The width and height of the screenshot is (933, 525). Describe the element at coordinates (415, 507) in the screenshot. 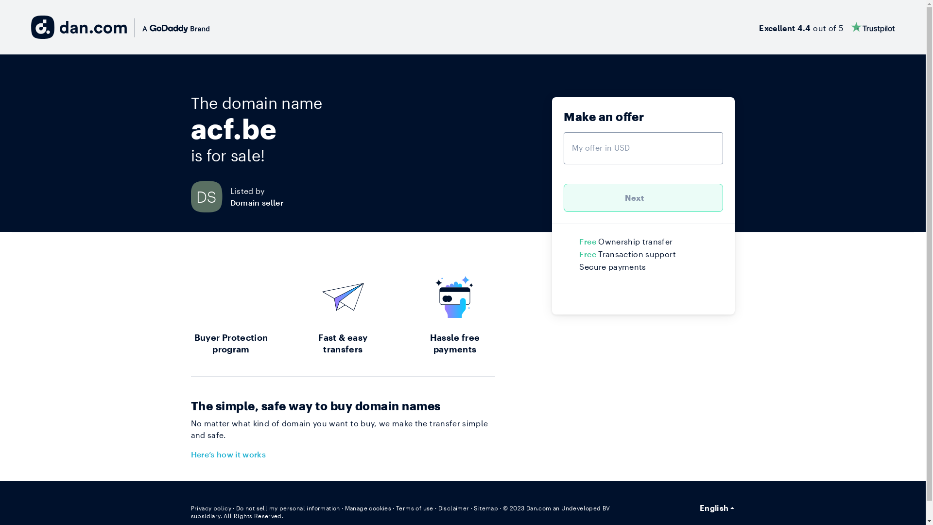

I see `'Terms of use'` at that location.